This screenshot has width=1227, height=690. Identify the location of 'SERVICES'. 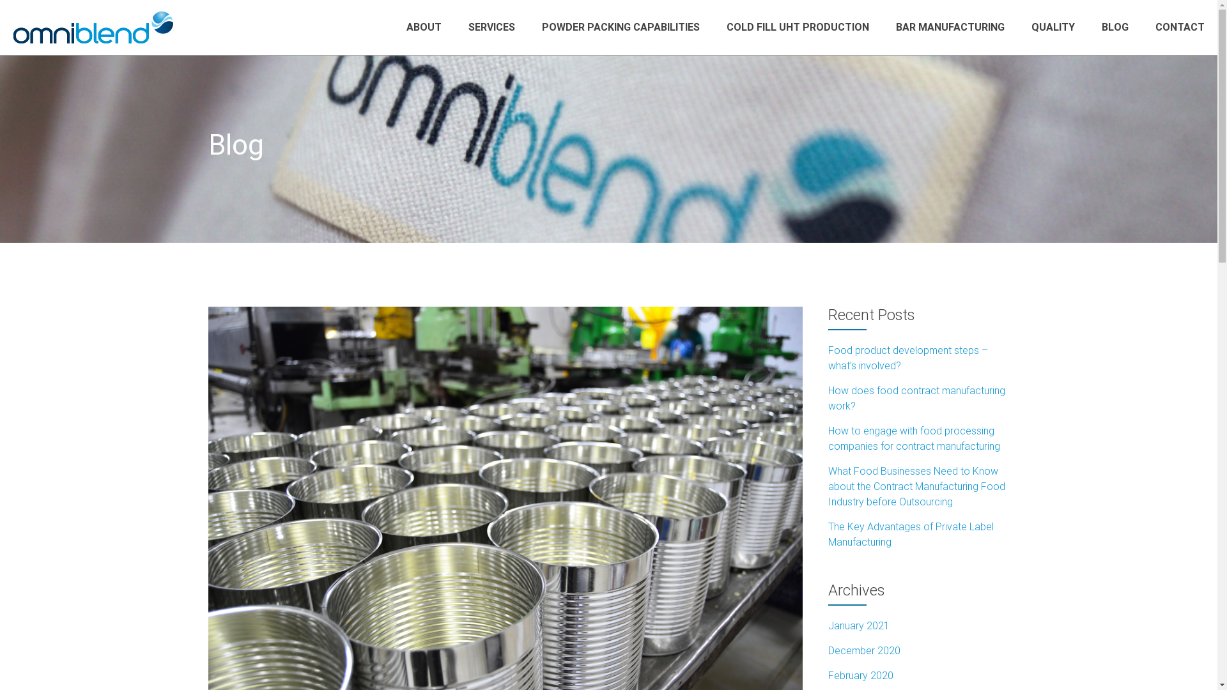
(491, 27).